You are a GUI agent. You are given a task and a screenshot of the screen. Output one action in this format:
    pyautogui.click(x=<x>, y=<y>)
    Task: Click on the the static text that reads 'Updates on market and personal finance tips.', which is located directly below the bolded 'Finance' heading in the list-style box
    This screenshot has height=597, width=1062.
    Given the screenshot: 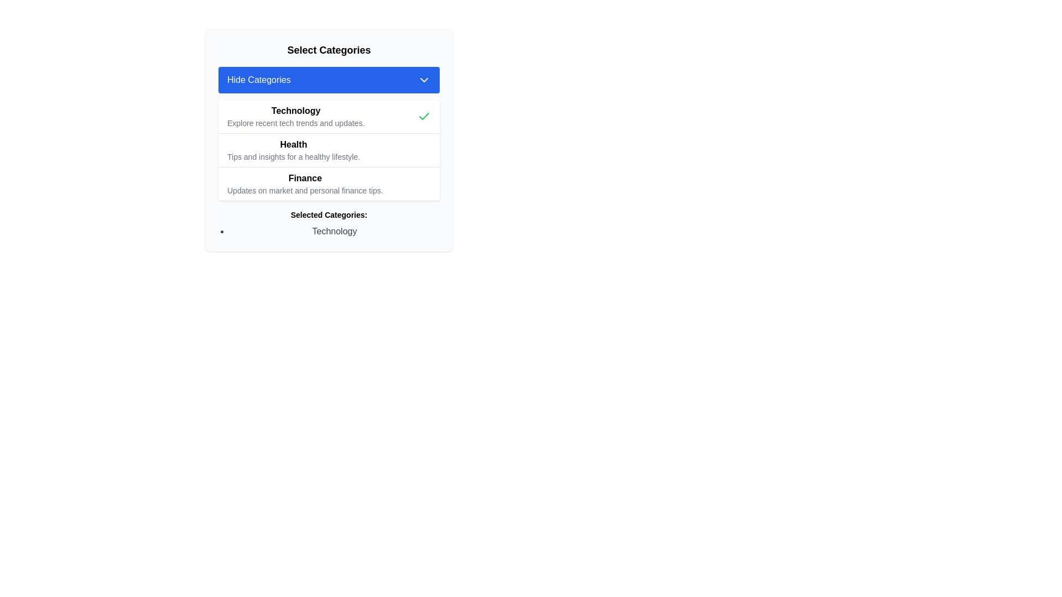 What is the action you would take?
    pyautogui.click(x=305, y=190)
    